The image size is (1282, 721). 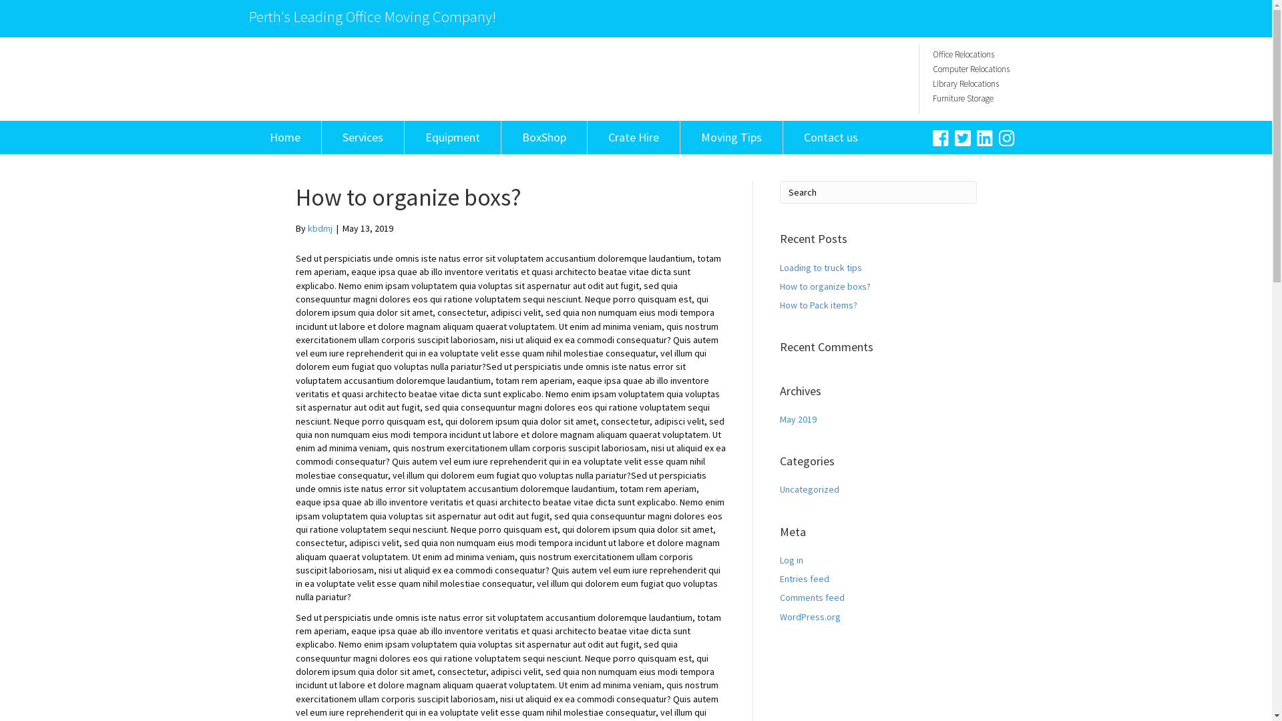 I want to click on 'WordPress.org', so click(x=779, y=617).